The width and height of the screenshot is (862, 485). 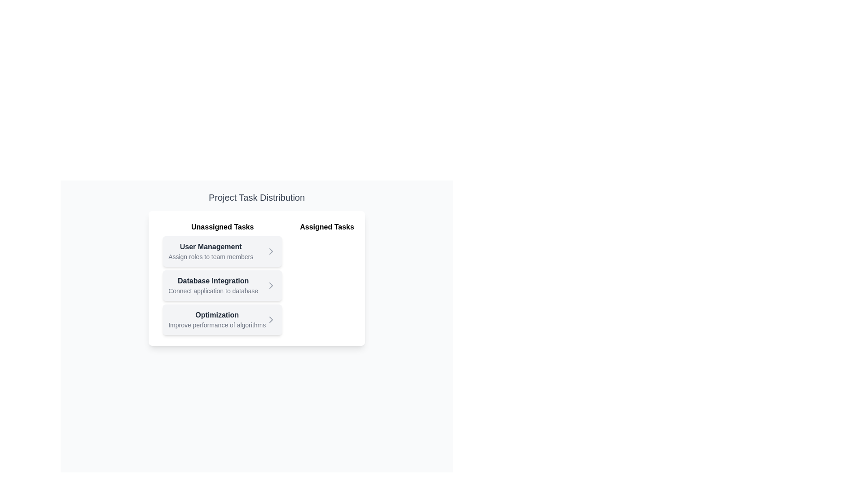 I want to click on arrow button next to the task titled User Management in the Unassigned Tasks list, so click(x=271, y=251).